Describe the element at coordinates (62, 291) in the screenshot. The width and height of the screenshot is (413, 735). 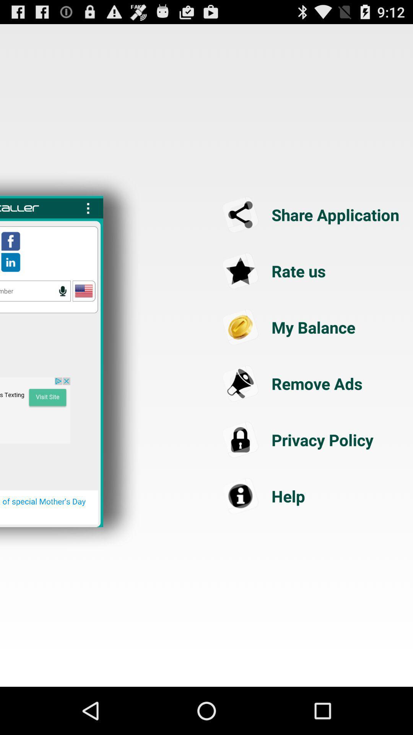
I see `record audio` at that location.